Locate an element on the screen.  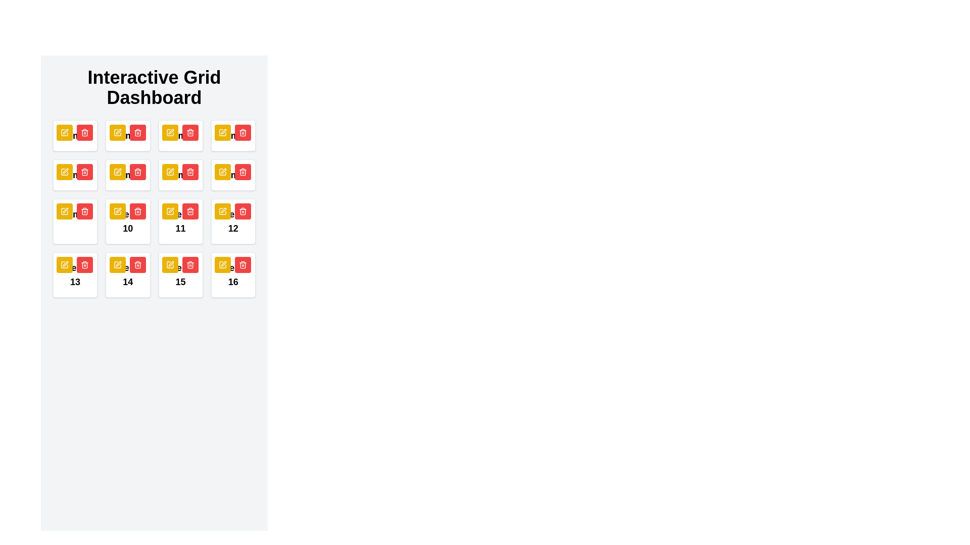
the yellow-filled SVG icon located in the first row, first column of the interactive grid dashboard is located at coordinates (64, 132).